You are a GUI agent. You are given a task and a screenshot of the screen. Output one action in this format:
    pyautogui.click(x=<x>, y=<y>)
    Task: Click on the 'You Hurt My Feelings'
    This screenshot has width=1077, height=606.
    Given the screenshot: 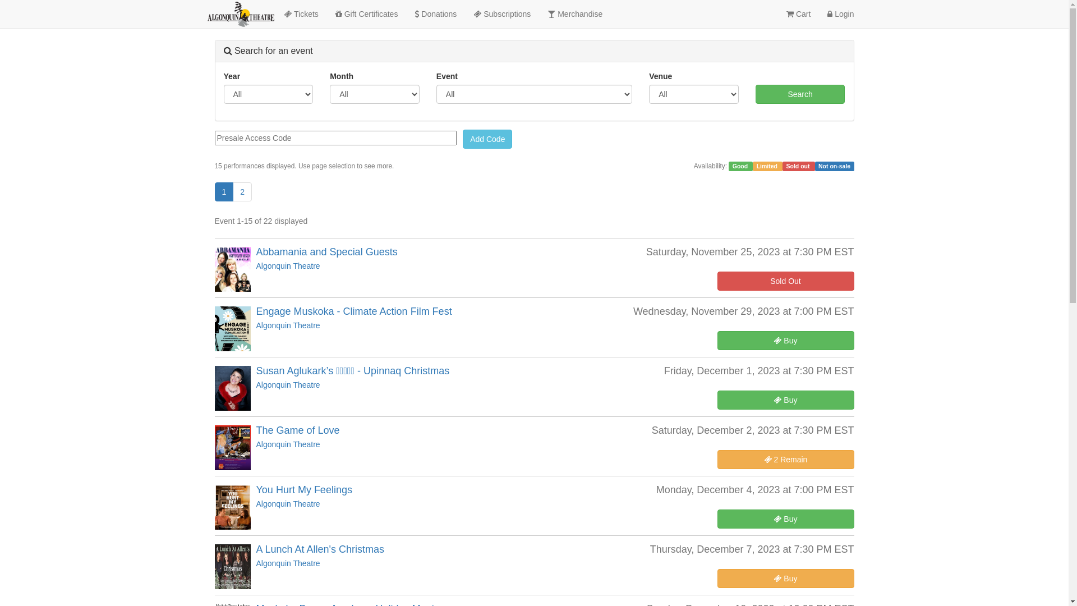 What is the action you would take?
    pyautogui.click(x=303, y=489)
    